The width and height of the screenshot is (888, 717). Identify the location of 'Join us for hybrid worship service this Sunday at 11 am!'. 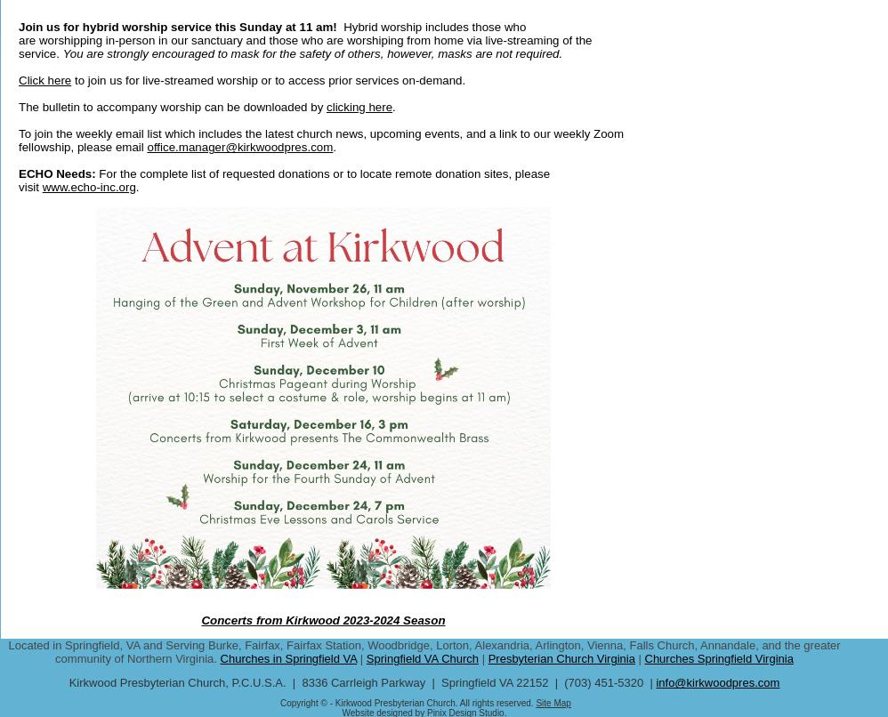
(181, 27).